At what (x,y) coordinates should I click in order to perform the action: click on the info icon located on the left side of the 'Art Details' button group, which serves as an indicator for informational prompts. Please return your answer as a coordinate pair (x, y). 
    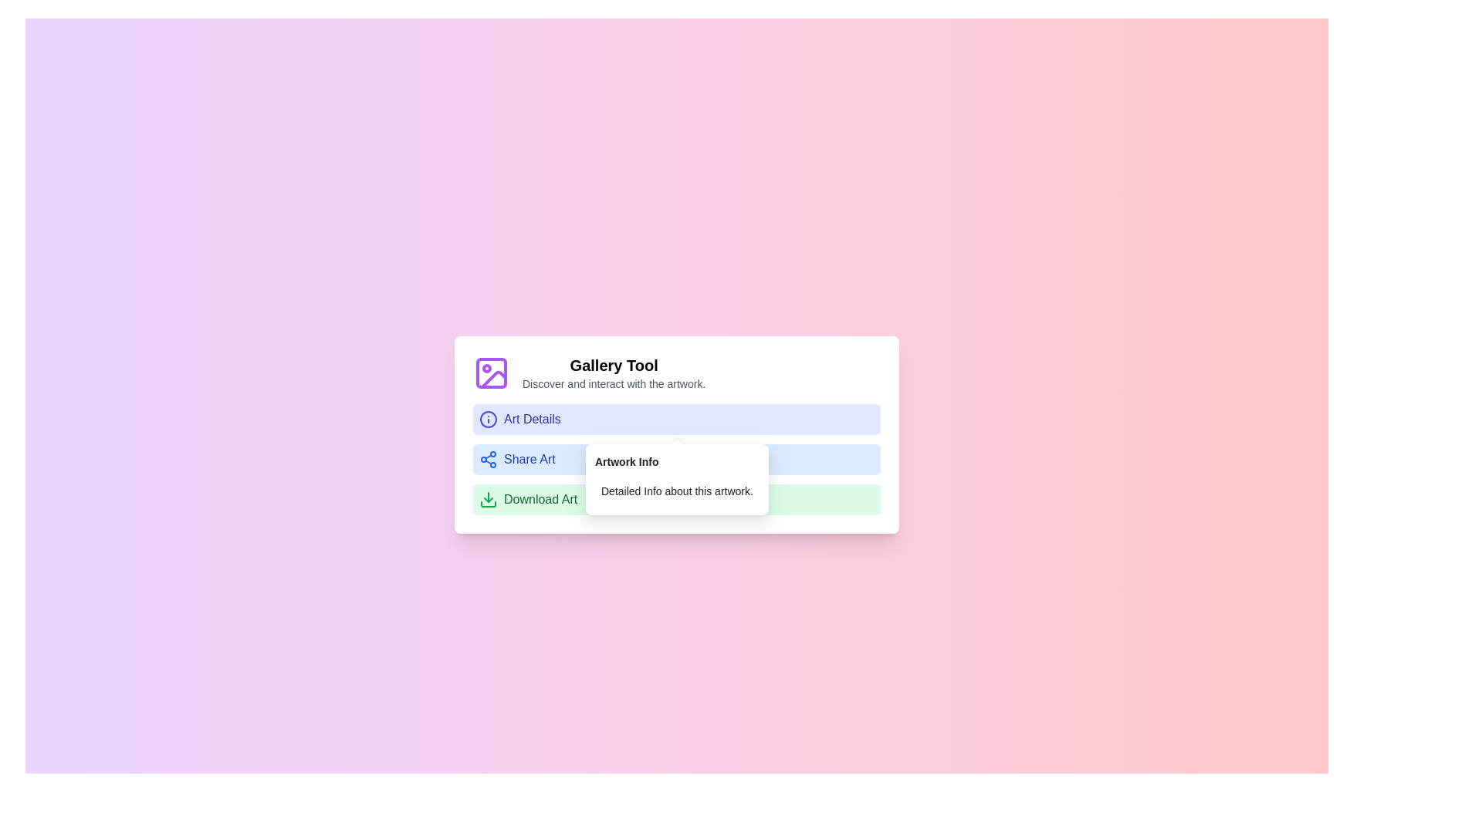
    Looking at the image, I should click on (488, 419).